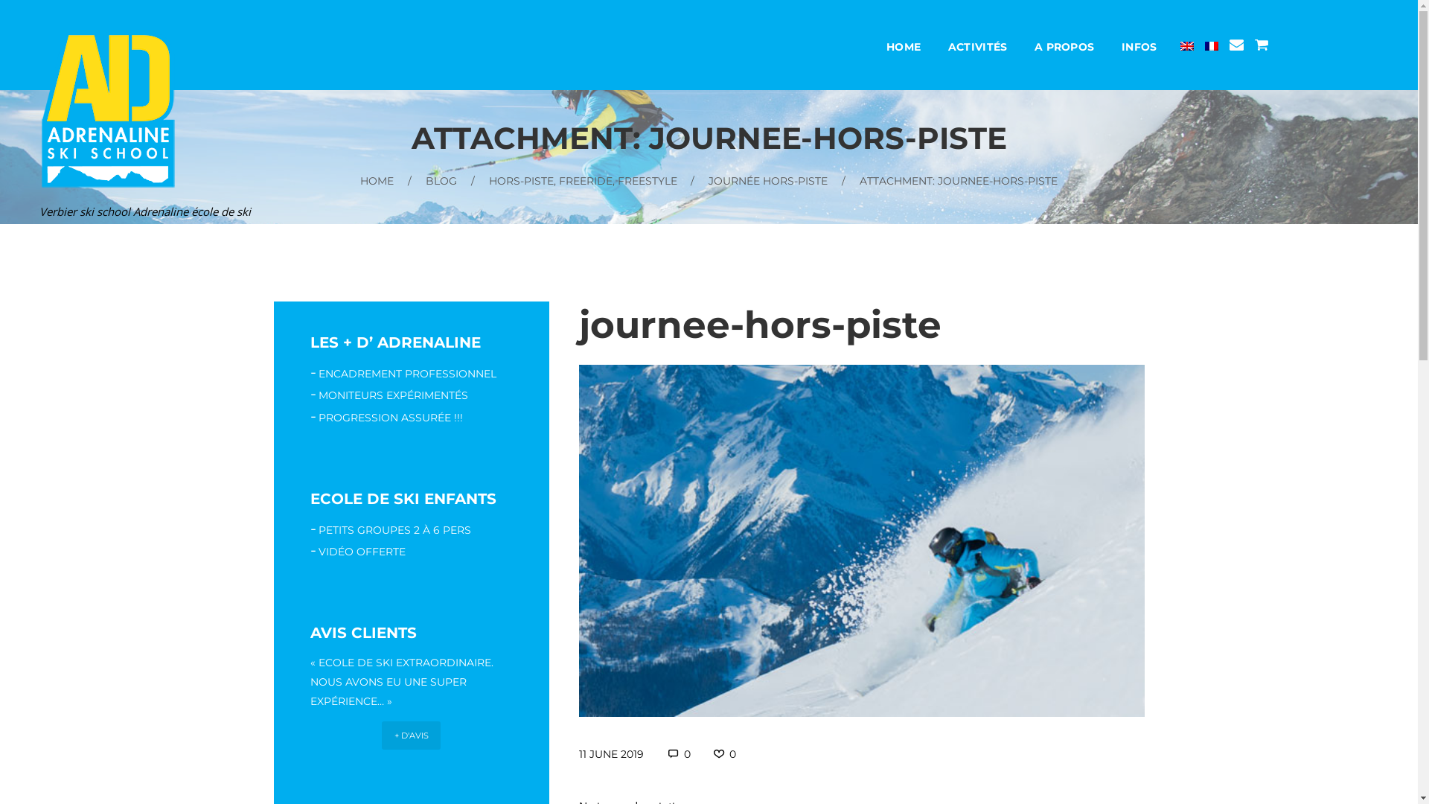 The height and width of the screenshot is (804, 1429). I want to click on 'HORS-PISTE, FREERIDE, FREESTYLE', so click(581, 179).